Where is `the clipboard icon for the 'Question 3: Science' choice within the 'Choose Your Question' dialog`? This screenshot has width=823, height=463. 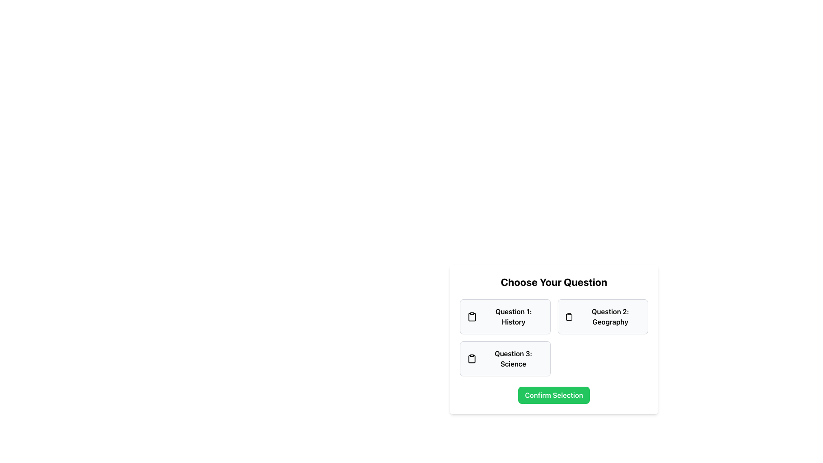
the clipboard icon for the 'Question 3: Science' choice within the 'Choose Your Question' dialog is located at coordinates (472, 359).